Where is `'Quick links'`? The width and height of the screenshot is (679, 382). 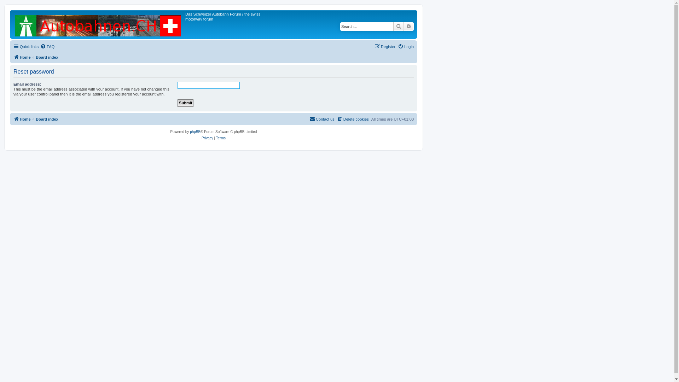 'Quick links' is located at coordinates (26, 46).